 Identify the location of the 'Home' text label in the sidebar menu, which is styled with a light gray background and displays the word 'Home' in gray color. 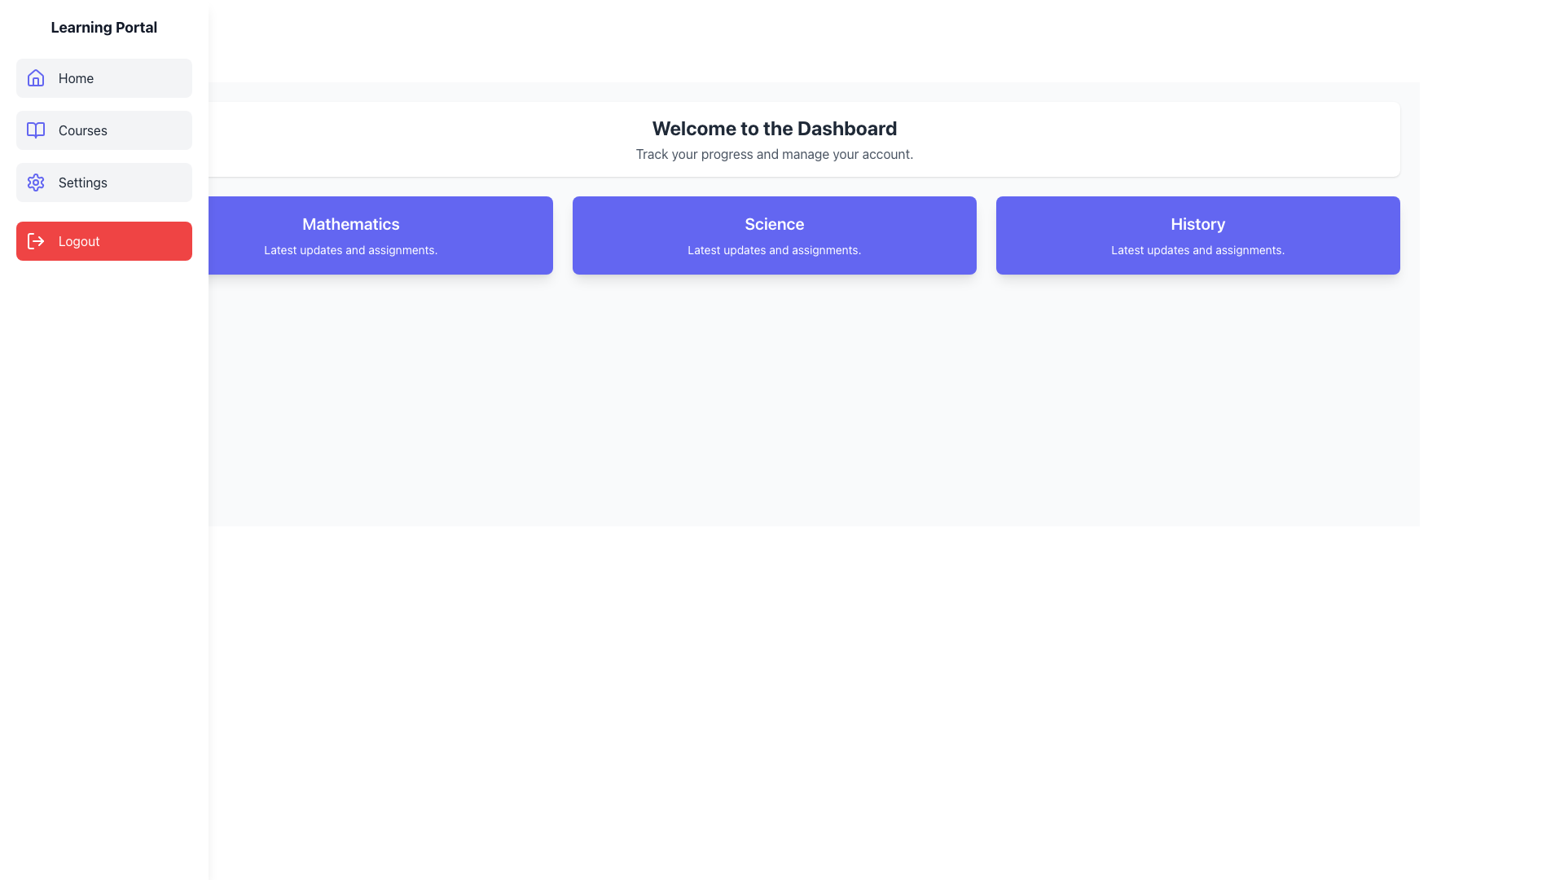
(75, 78).